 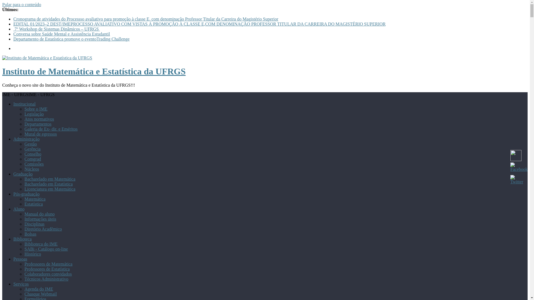 I want to click on 'Chasque Webmail', so click(x=24, y=294).